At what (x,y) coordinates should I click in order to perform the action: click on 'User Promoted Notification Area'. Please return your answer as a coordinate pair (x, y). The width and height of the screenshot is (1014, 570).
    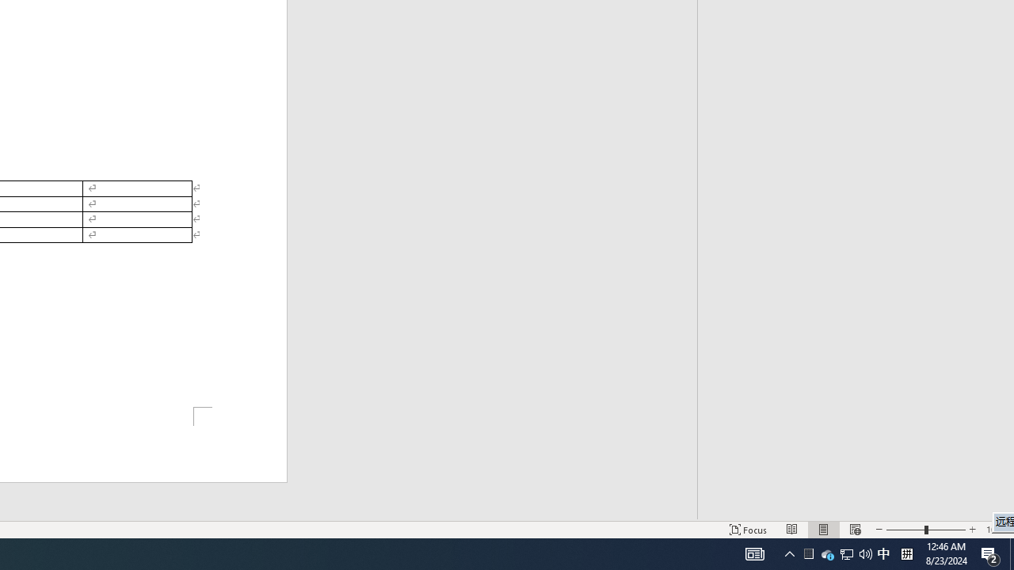
    Looking at the image, I should click on (808, 553).